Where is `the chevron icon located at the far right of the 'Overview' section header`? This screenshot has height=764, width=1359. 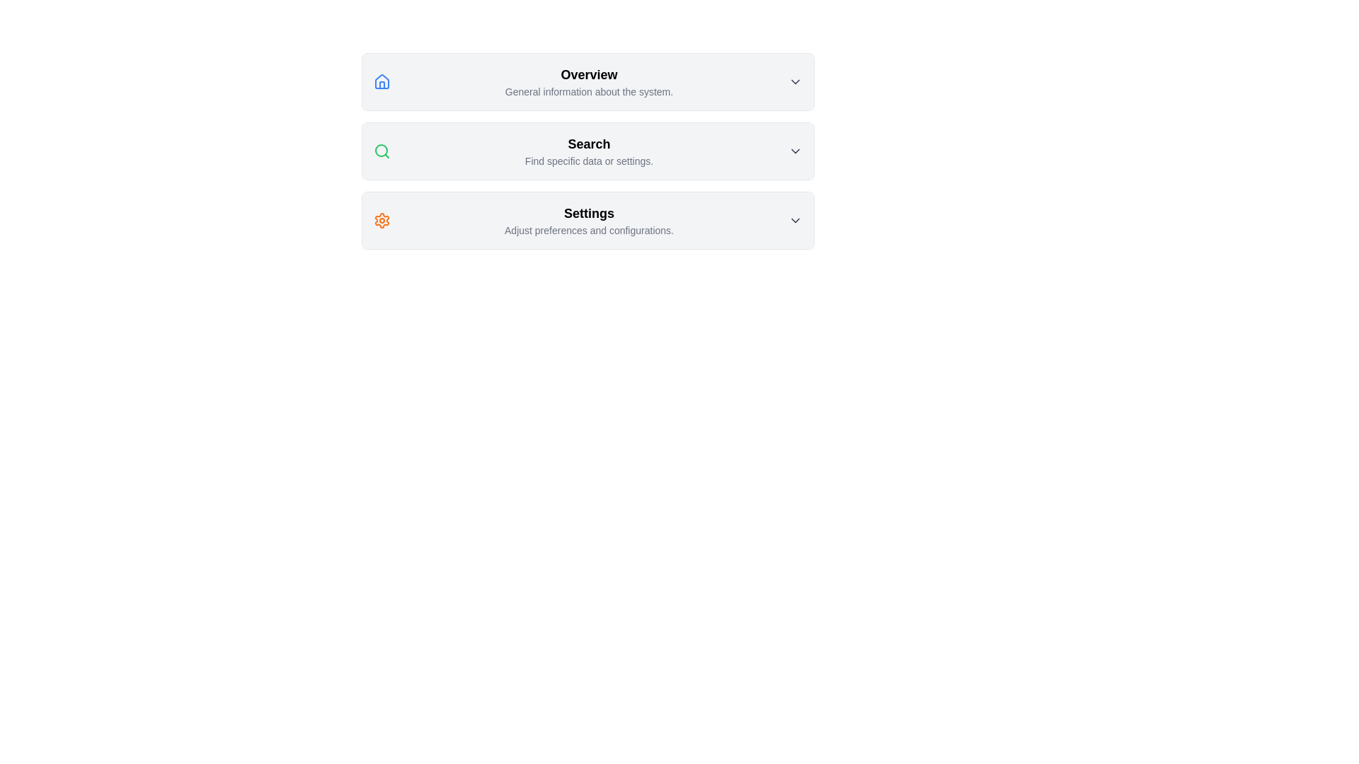
the chevron icon located at the far right of the 'Overview' section header is located at coordinates (795, 81).